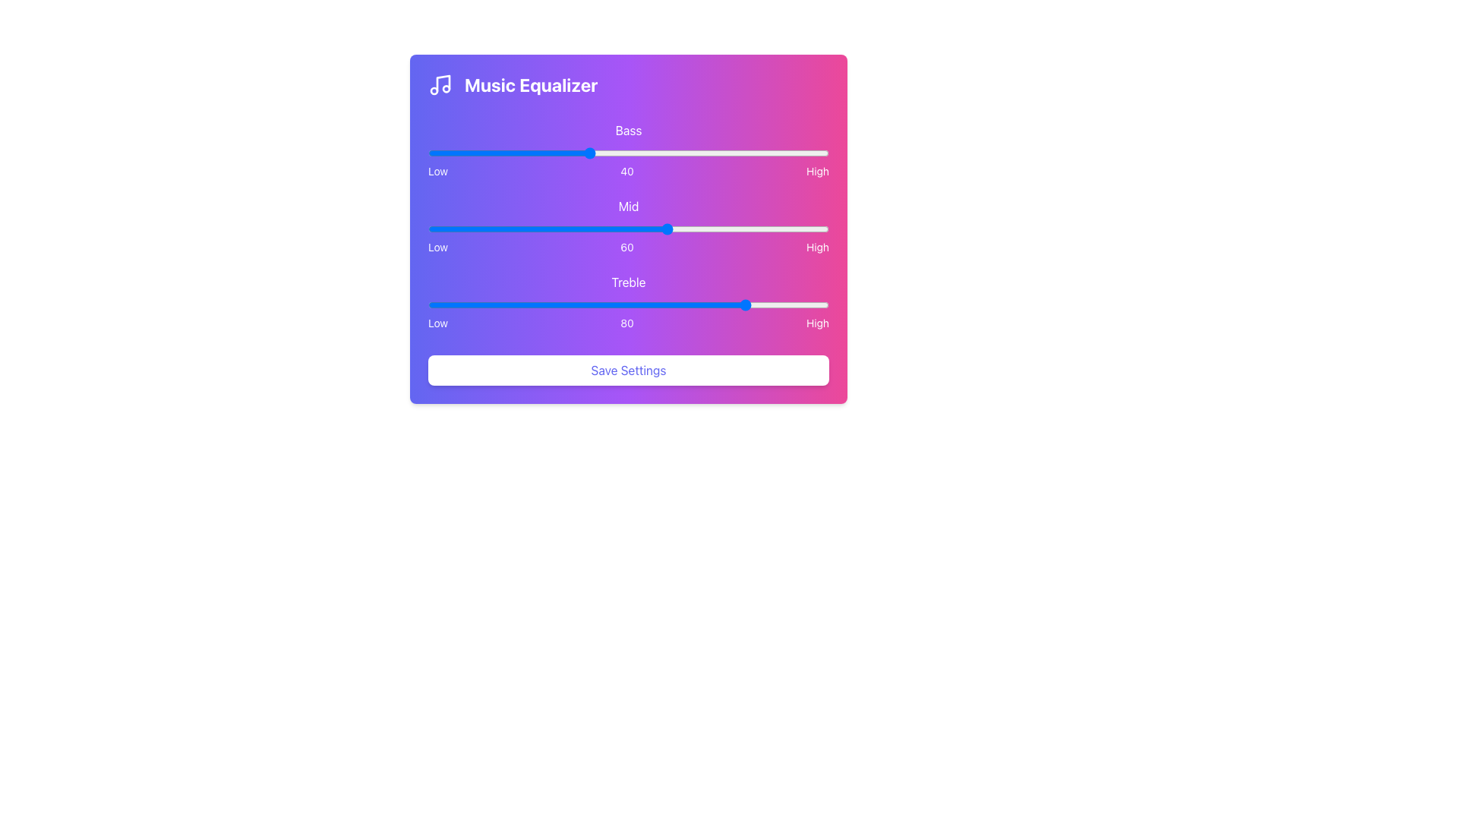 This screenshot has height=820, width=1458. What do you see at coordinates (629, 371) in the screenshot?
I see `the submit button at the bottom of the panel` at bounding box center [629, 371].